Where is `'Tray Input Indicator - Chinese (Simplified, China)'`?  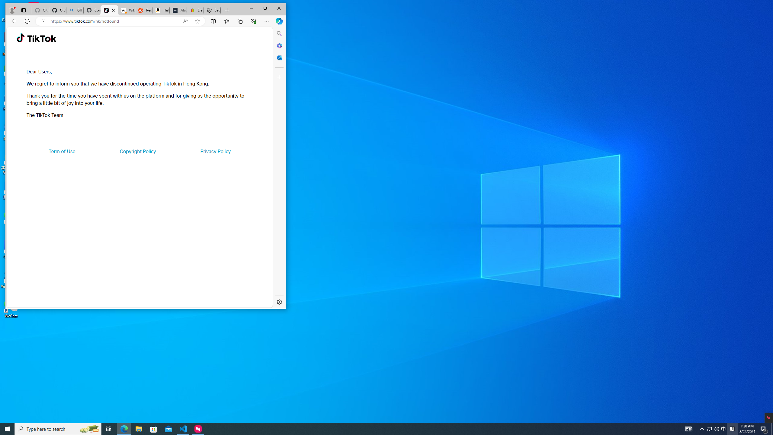
'Tray Input Indicator - Chinese (Simplified, China)' is located at coordinates (732, 428).